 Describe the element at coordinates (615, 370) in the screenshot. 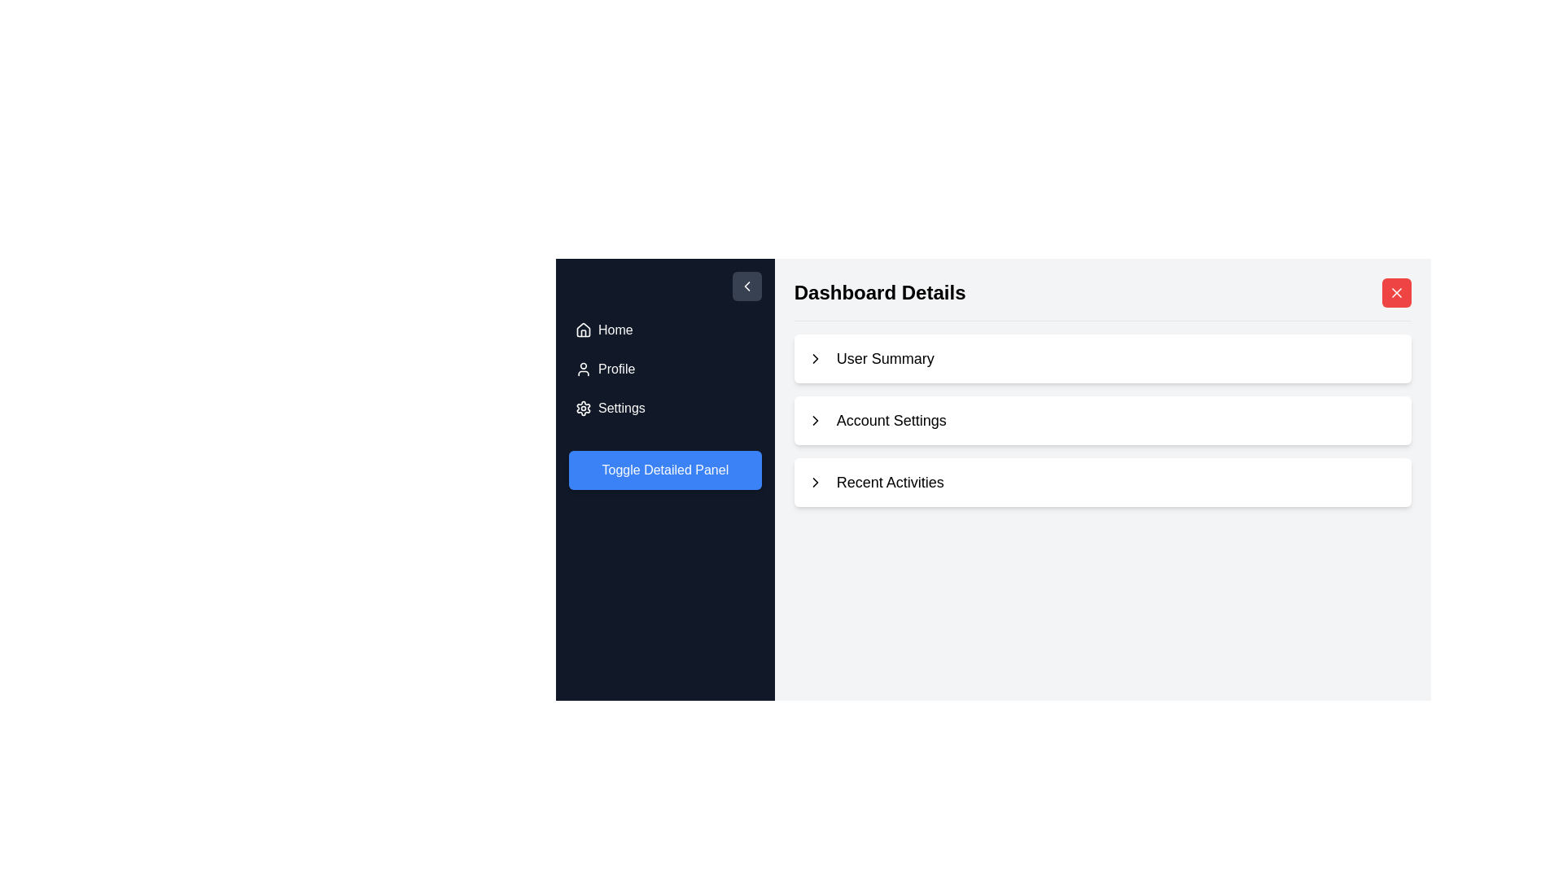

I see `the 'Profile' label in the vertical navigation list` at that location.